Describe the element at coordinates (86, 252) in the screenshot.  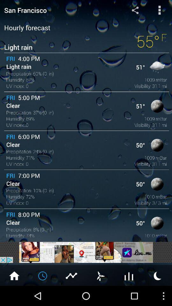
I see `advertisement space` at that location.